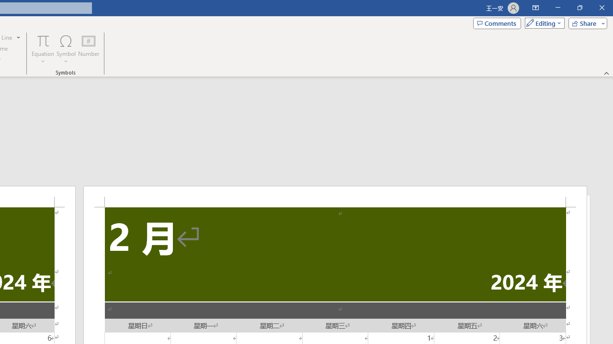  Describe the element at coordinates (43, 49) in the screenshot. I see `'Equation'` at that location.